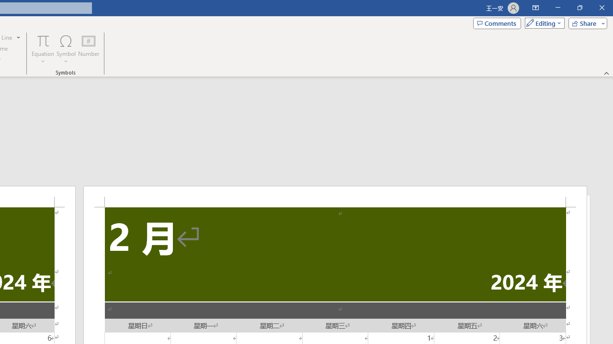  Describe the element at coordinates (43, 49) in the screenshot. I see `'Equation'` at that location.